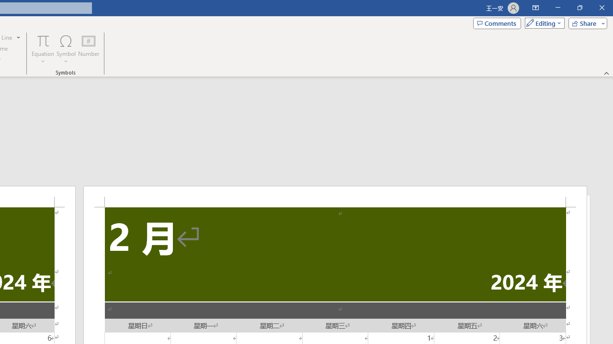  Describe the element at coordinates (43, 49) in the screenshot. I see `'Equation'` at that location.